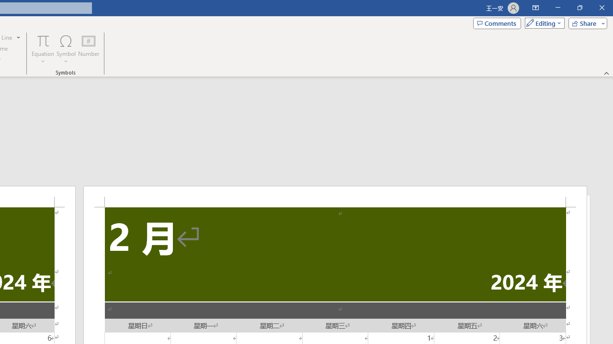  Describe the element at coordinates (43, 49) in the screenshot. I see `'Equation'` at that location.